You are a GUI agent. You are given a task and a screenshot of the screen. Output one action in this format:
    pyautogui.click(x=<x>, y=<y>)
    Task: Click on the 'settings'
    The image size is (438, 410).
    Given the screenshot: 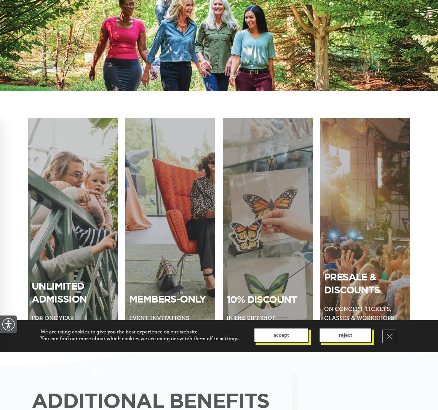 What is the action you would take?
    pyautogui.click(x=219, y=338)
    